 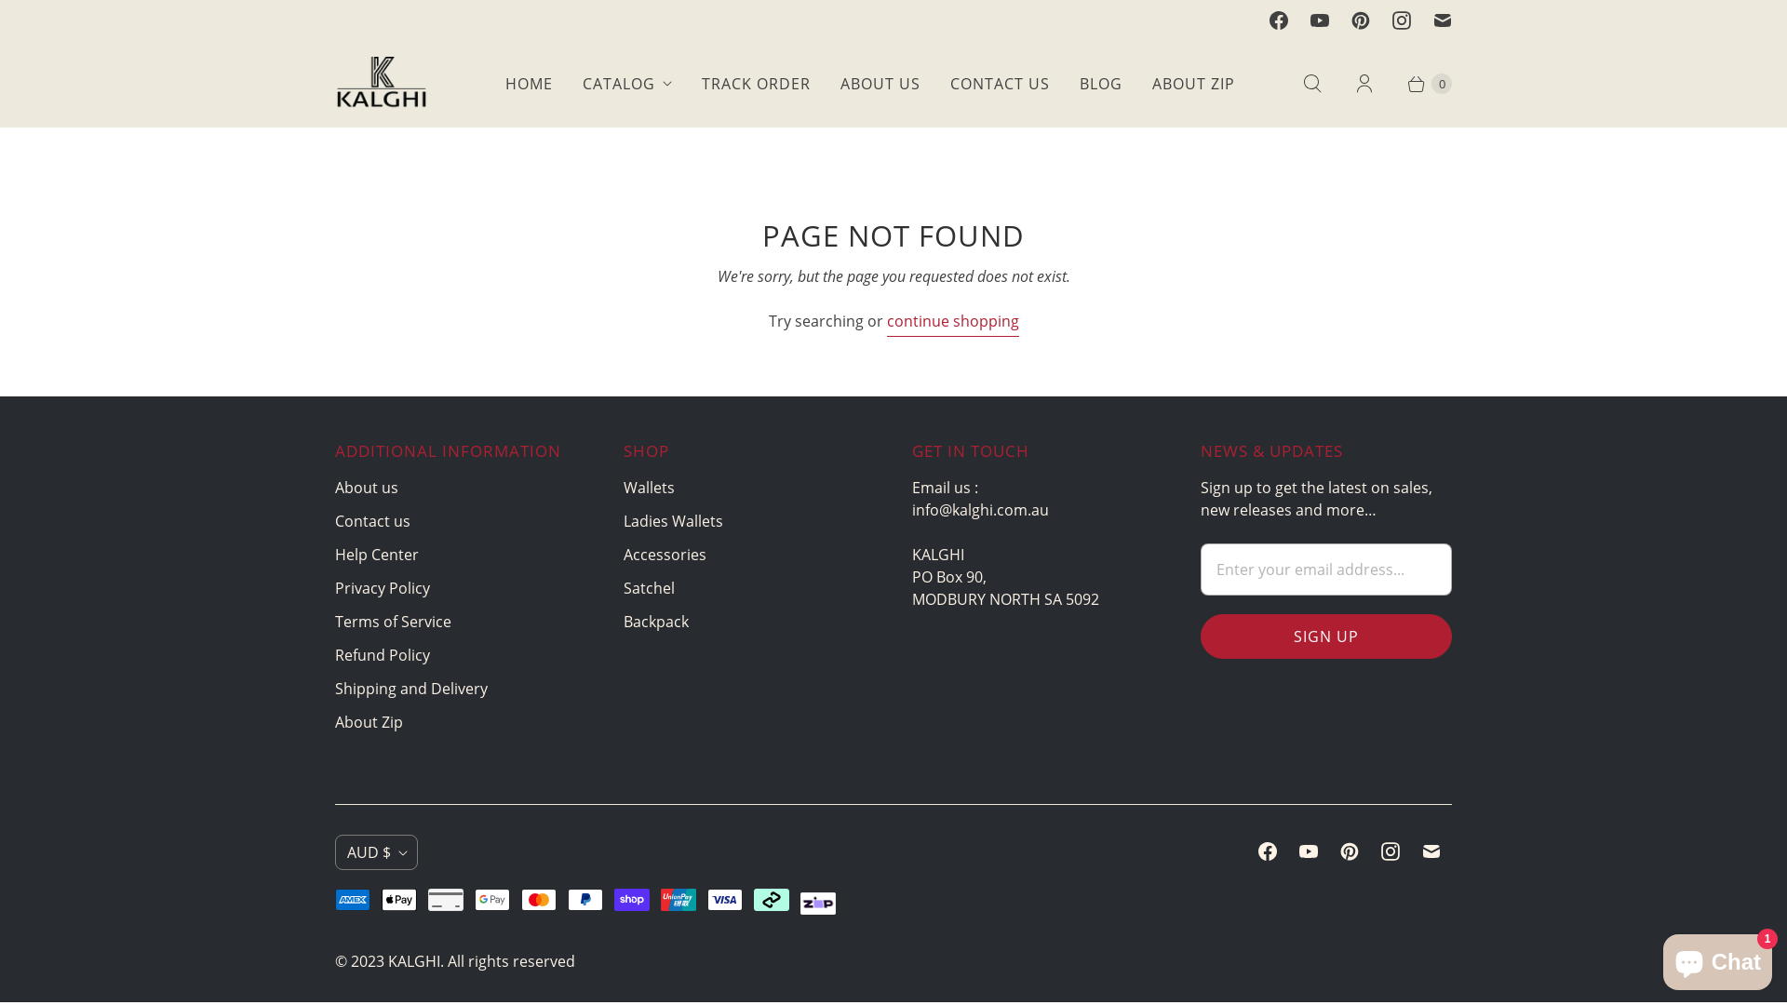 What do you see at coordinates (756, 82) in the screenshot?
I see `'TRACK ORDER'` at bounding box center [756, 82].